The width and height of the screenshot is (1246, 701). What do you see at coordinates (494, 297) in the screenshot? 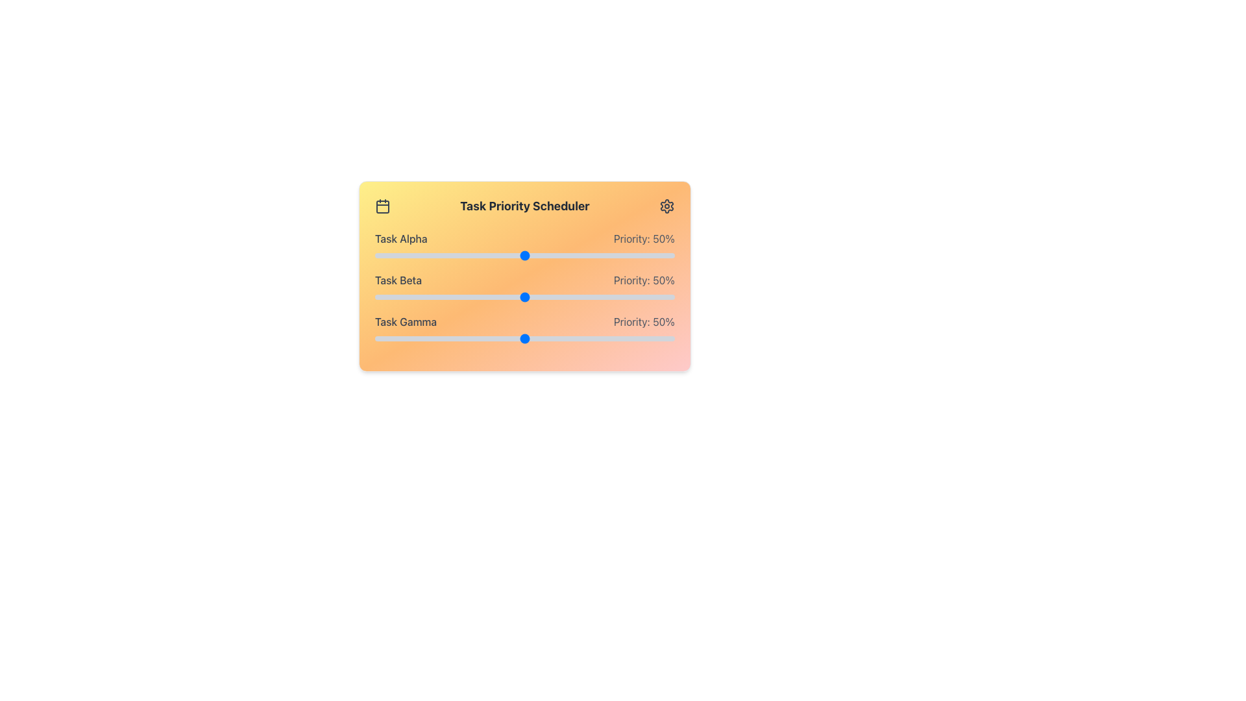
I see `the priority of Task Beta` at bounding box center [494, 297].